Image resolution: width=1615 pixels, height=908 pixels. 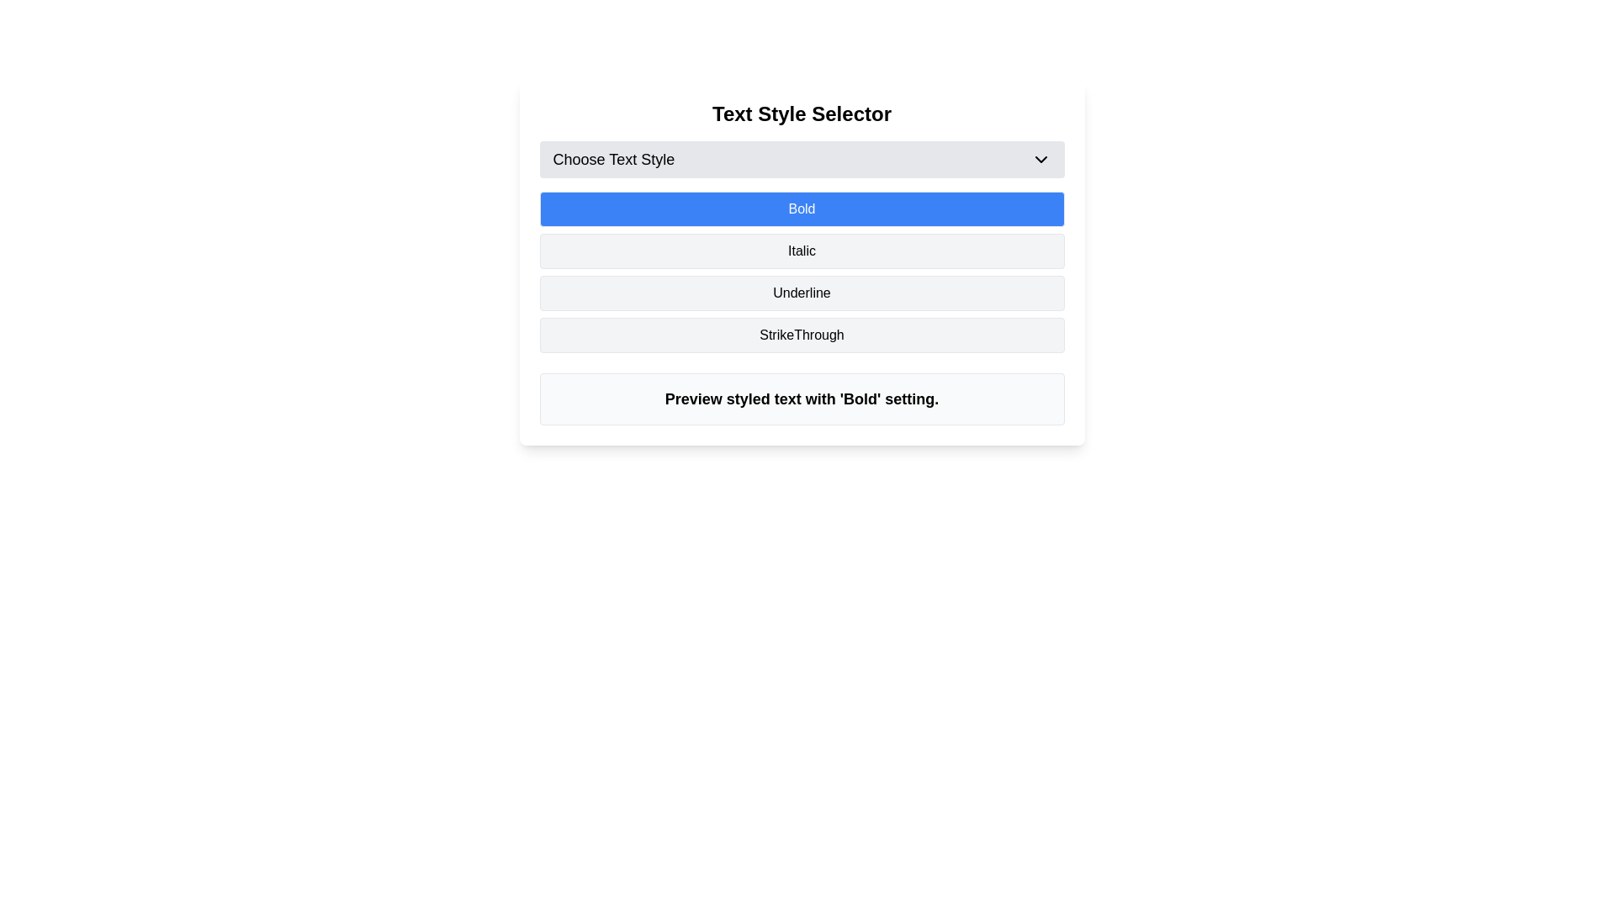 What do you see at coordinates (801, 399) in the screenshot?
I see `text content from the Text display area that provides visual feedback for the 'Bold' style option, located at the bottom of the layout` at bounding box center [801, 399].